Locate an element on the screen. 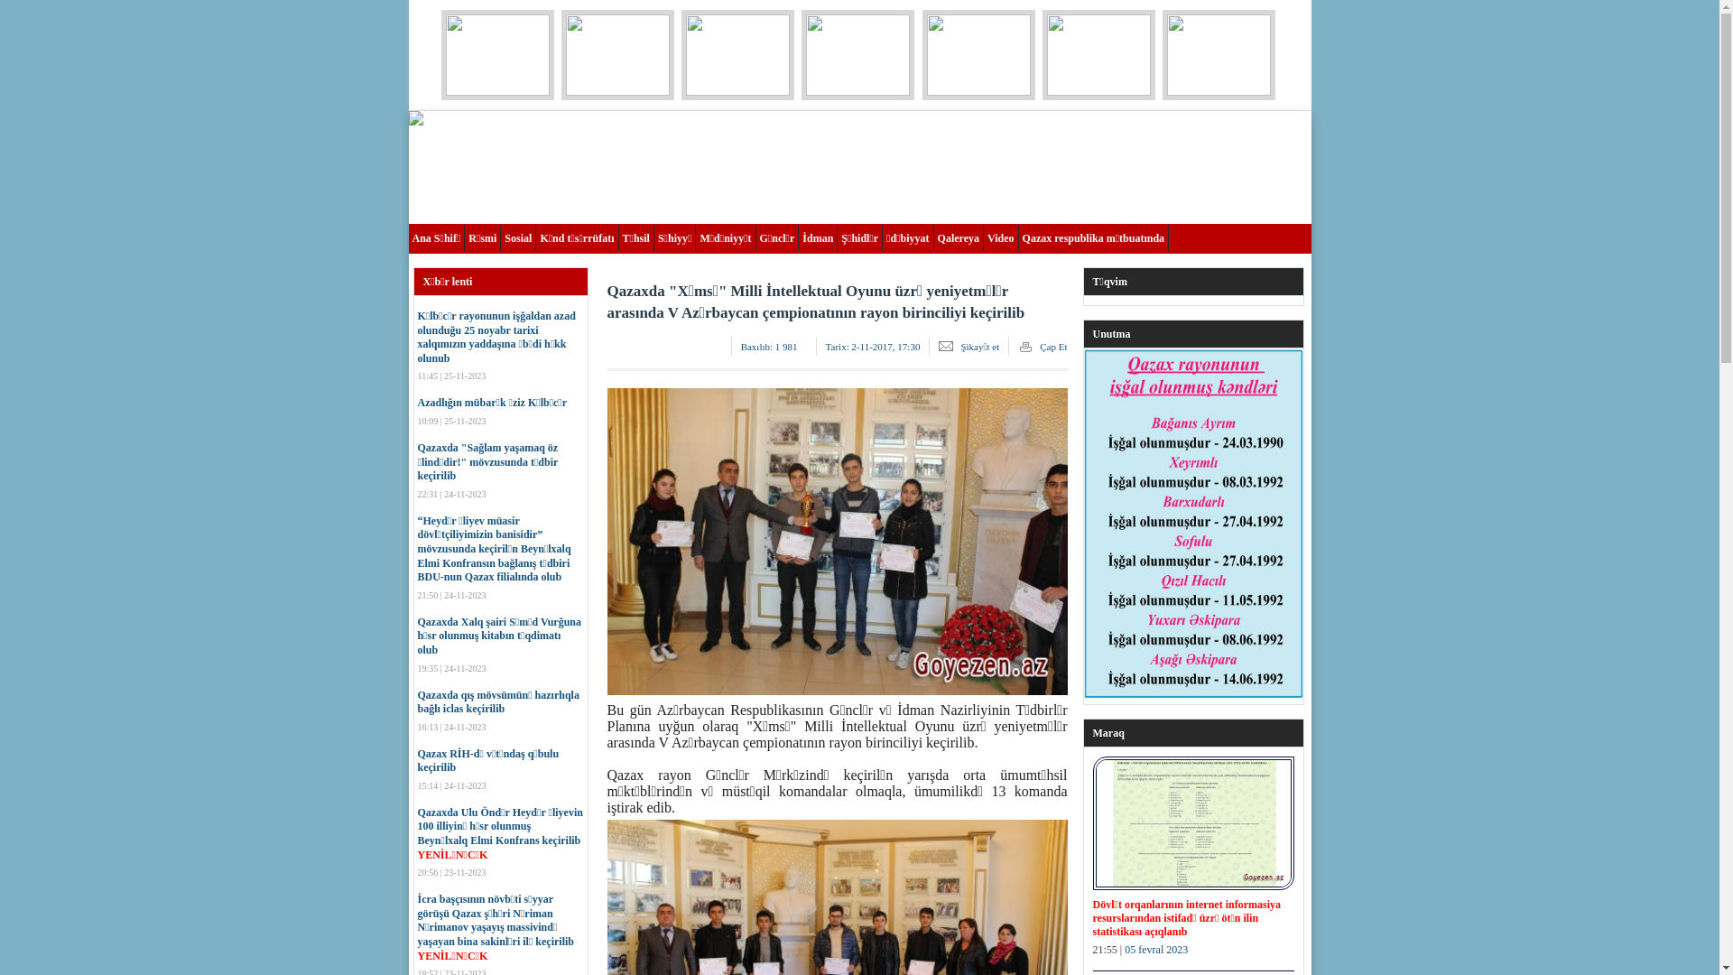 Image resolution: width=1733 pixels, height=975 pixels. 'Video' is located at coordinates (1000, 236).